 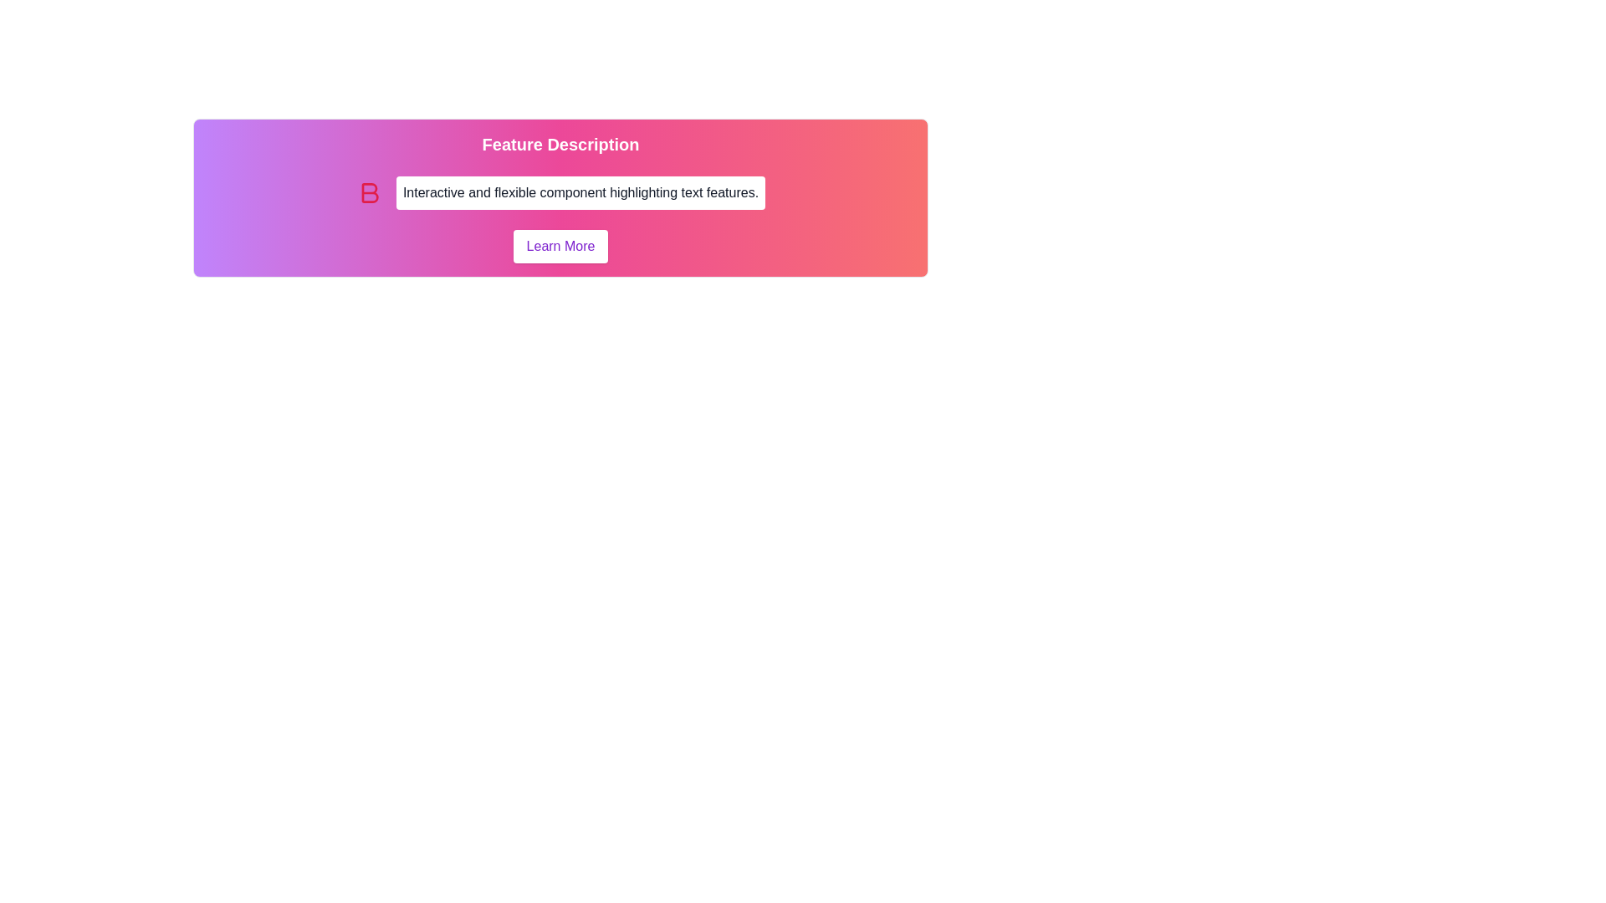 What do you see at coordinates (560, 192) in the screenshot?
I see `the Static Text Block that presents descriptive text about the features of the application, located between the title 'Feature Description' and the 'Learn More' button` at bounding box center [560, 192].